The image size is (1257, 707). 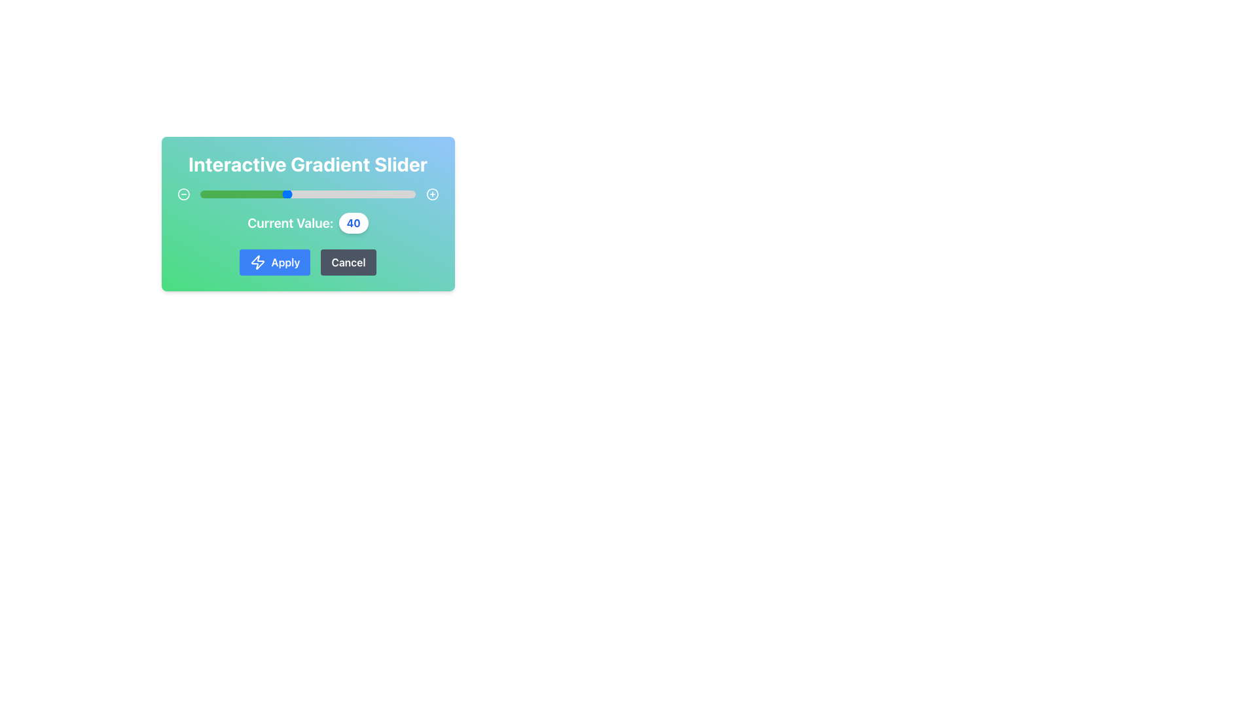 I want to click on the slider's value, so click(x=219, y=194).